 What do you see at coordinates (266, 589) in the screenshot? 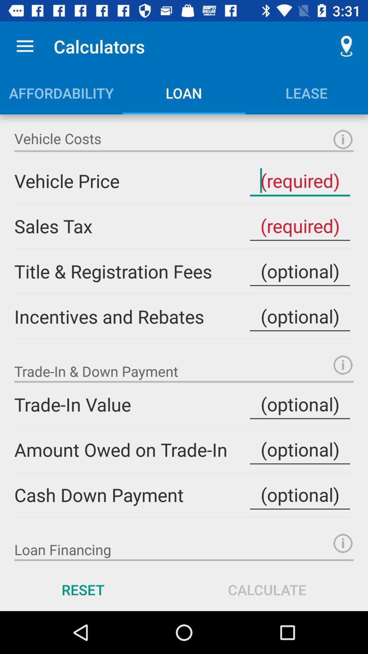
I see `the icon to the right of the reset item` at bounding box center [266, 589].